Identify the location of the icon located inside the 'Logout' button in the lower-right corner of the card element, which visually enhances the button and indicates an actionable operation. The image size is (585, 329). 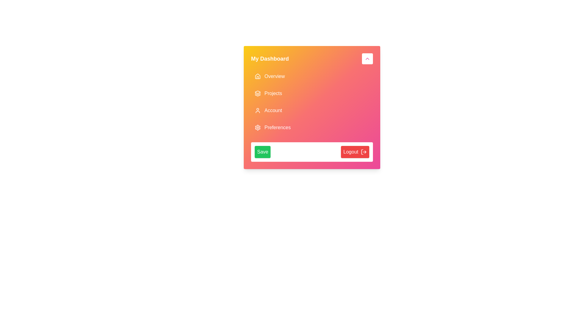
(364, 151).